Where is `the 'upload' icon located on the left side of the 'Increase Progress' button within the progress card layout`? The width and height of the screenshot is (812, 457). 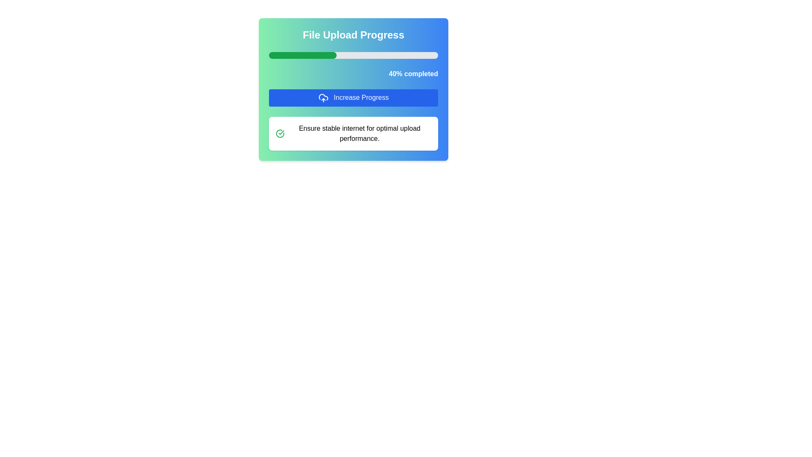
the 'upload' icon located on the left side of the 'Increase Progress' button within the progress card layout is located at coordinates (323, 97).